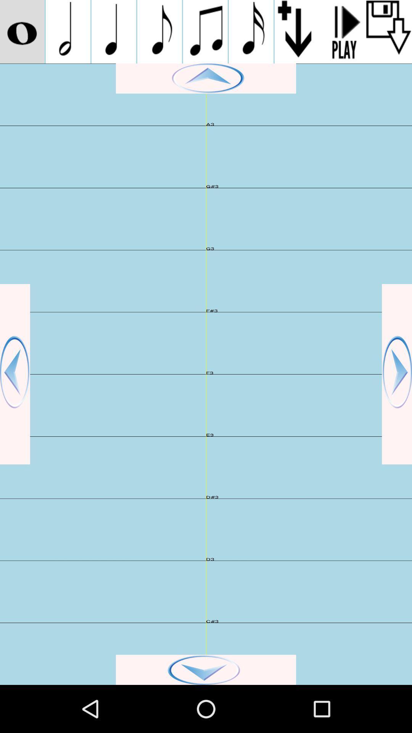  What do you see at coordinates (343, 31) in the screenshot?
I see `and pause button` at bounding box center [343, 31].